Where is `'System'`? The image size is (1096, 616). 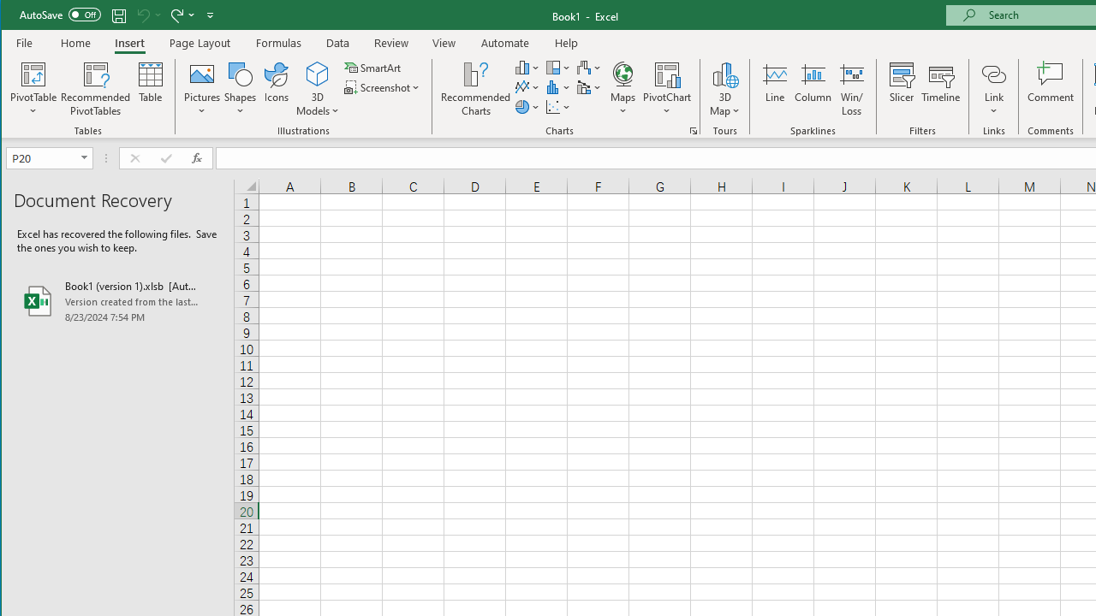 'System' is located at coordinates (16, 16).